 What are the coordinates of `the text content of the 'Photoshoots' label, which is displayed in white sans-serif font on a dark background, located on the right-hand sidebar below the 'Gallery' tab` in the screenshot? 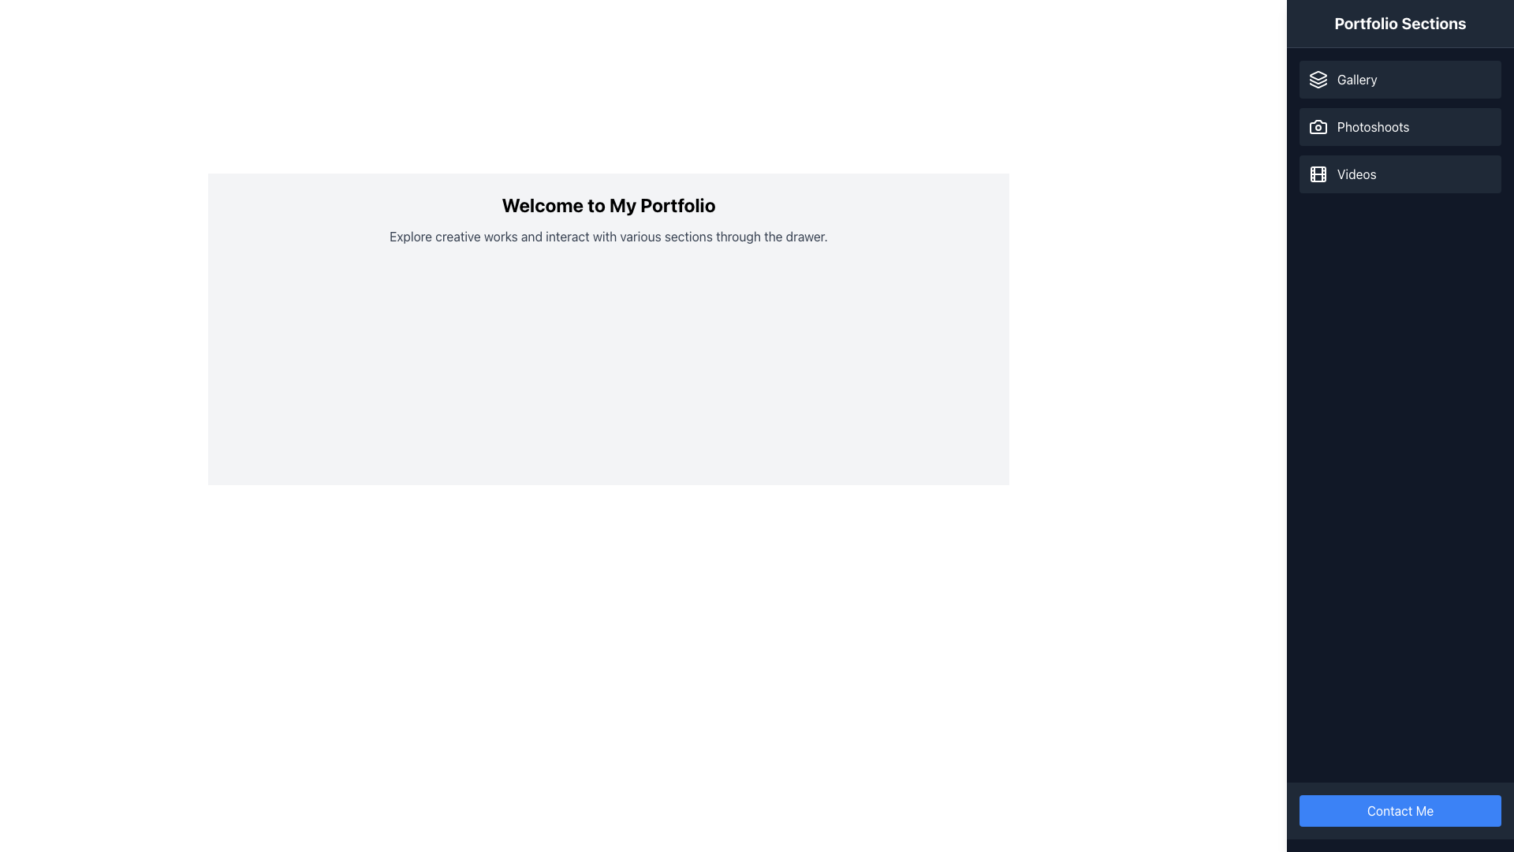 It's located at (1372, 126).